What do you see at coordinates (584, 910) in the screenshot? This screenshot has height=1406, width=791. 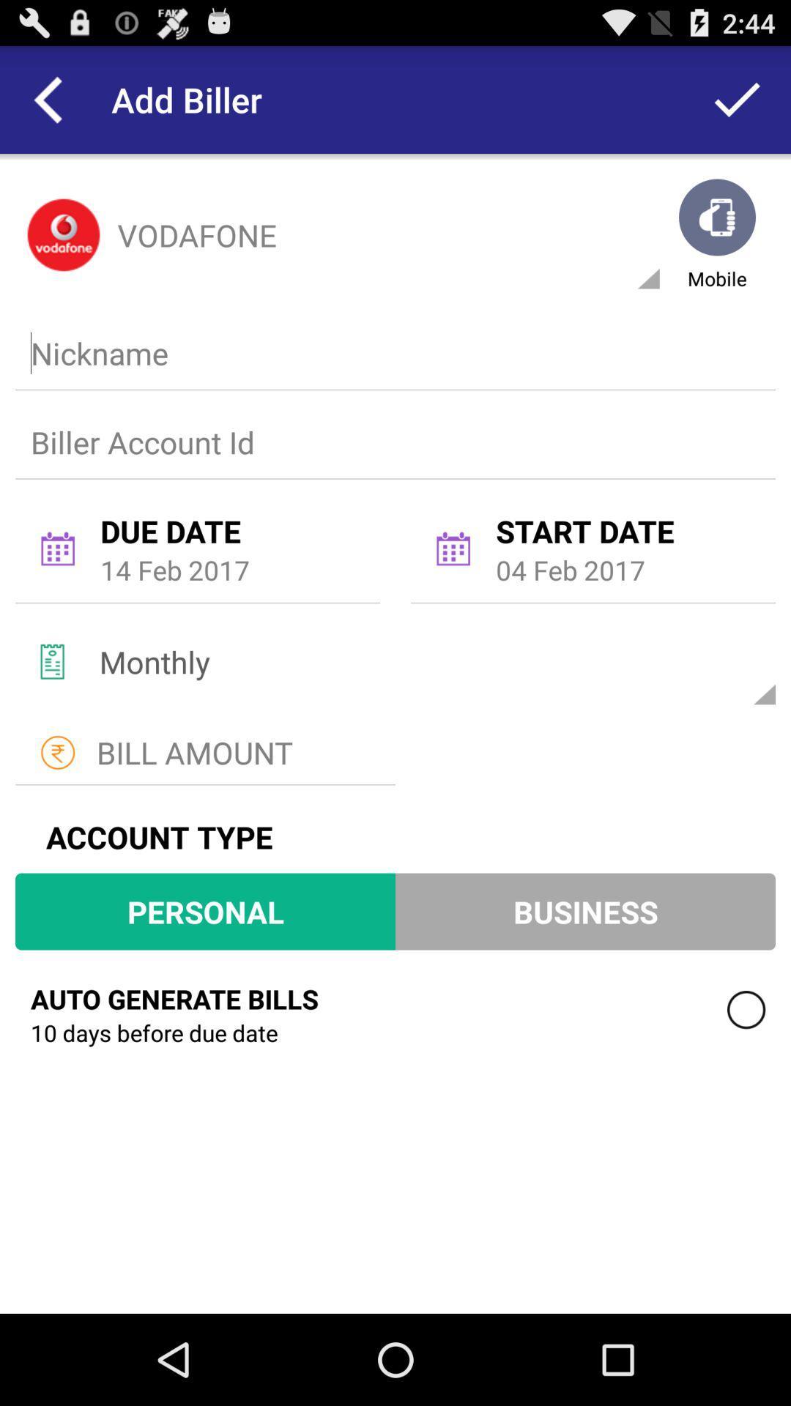 I see `item to the right of personal icon` at bounding box center [584, 910].